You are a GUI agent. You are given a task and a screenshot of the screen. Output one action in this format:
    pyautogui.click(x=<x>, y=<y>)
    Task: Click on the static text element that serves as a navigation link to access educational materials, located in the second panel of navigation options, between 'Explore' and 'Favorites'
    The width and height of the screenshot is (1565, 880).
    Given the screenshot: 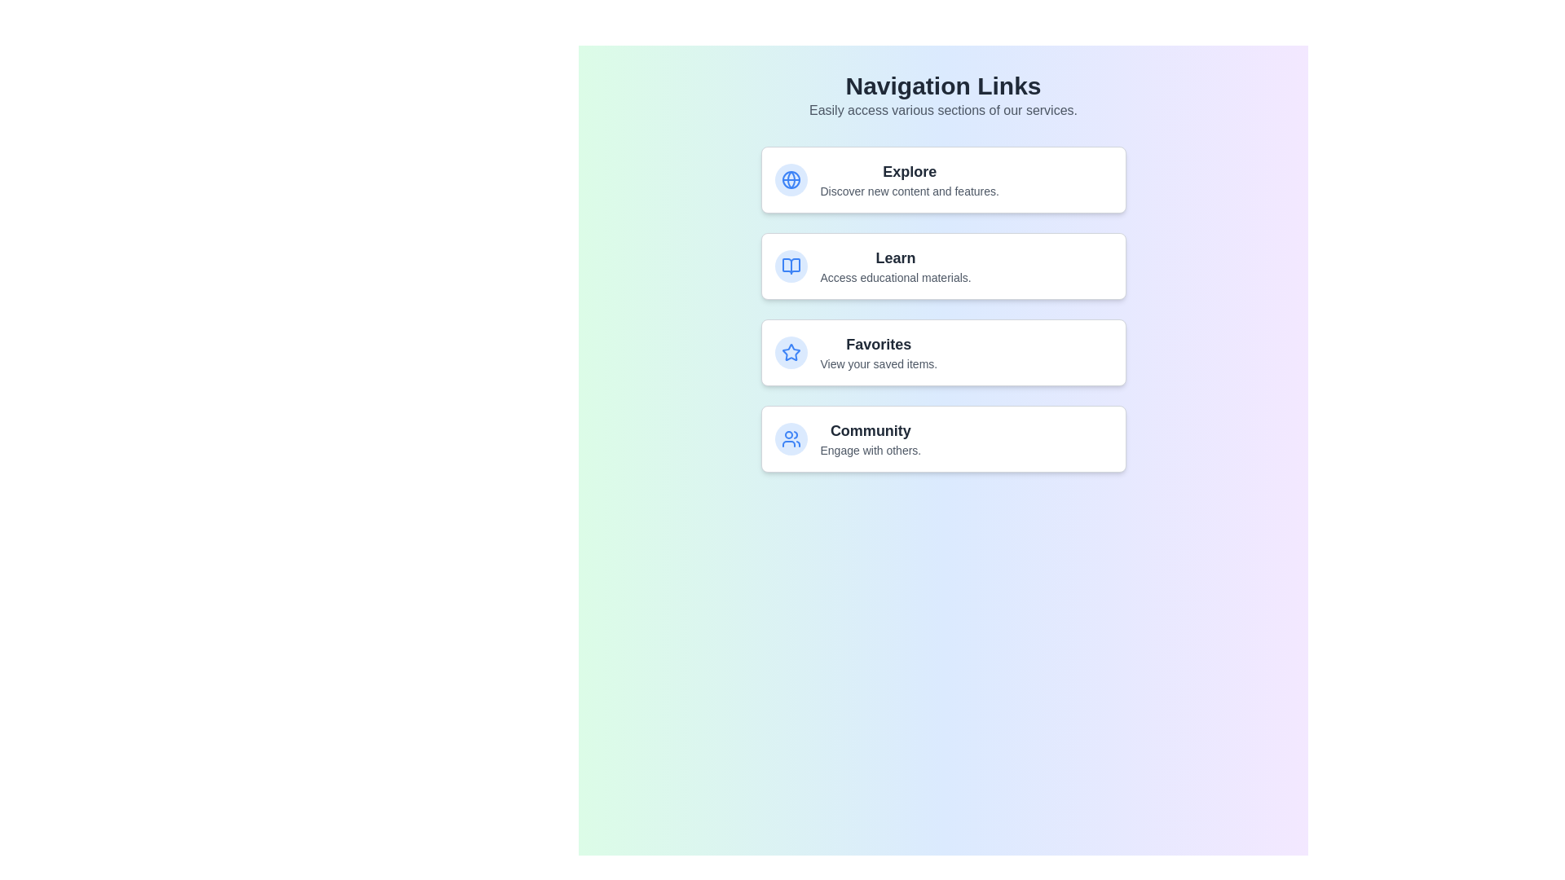 What is the action you would take?
    pyautogui.click(x=895, y=266)
    